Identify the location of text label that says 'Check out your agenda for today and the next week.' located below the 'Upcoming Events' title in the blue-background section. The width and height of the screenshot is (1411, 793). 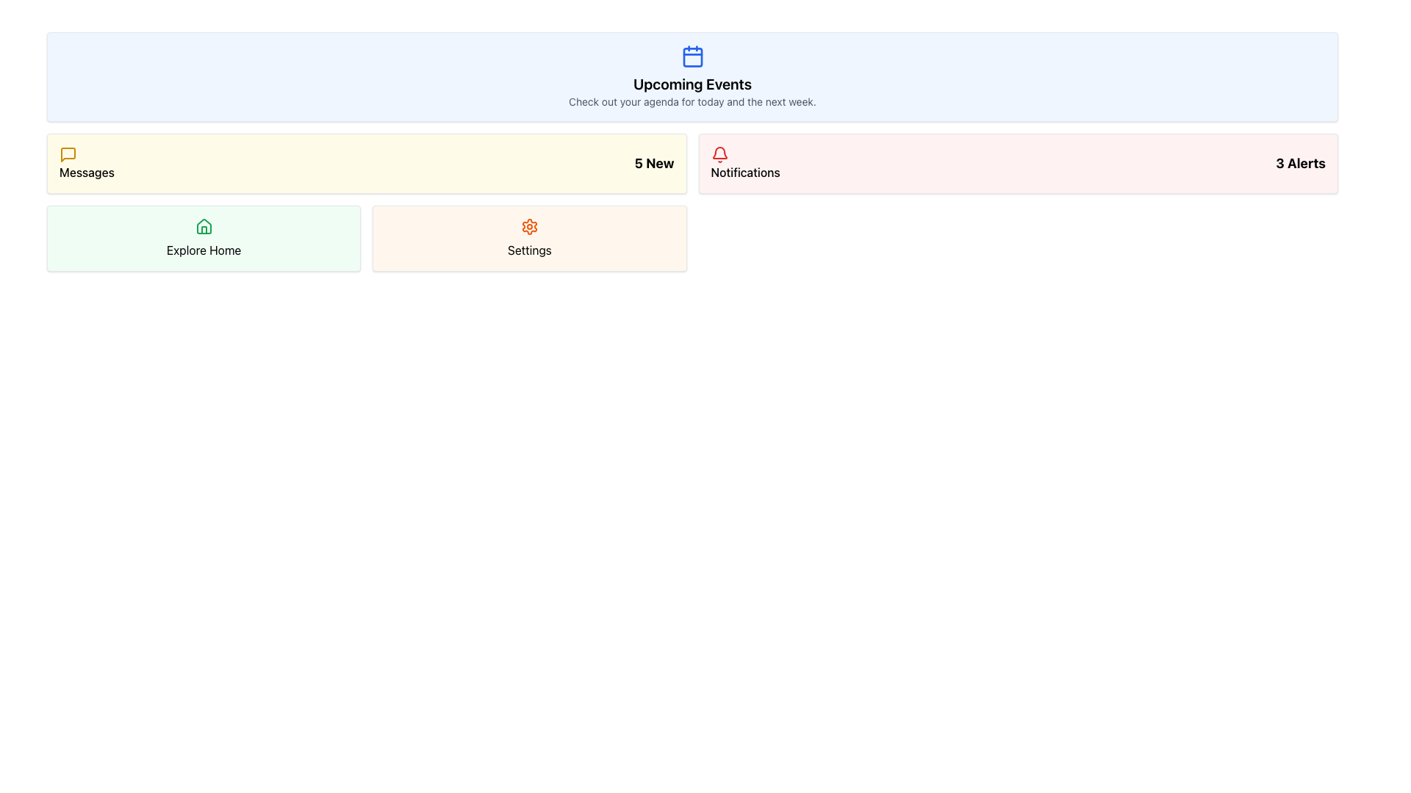
(692, 101).